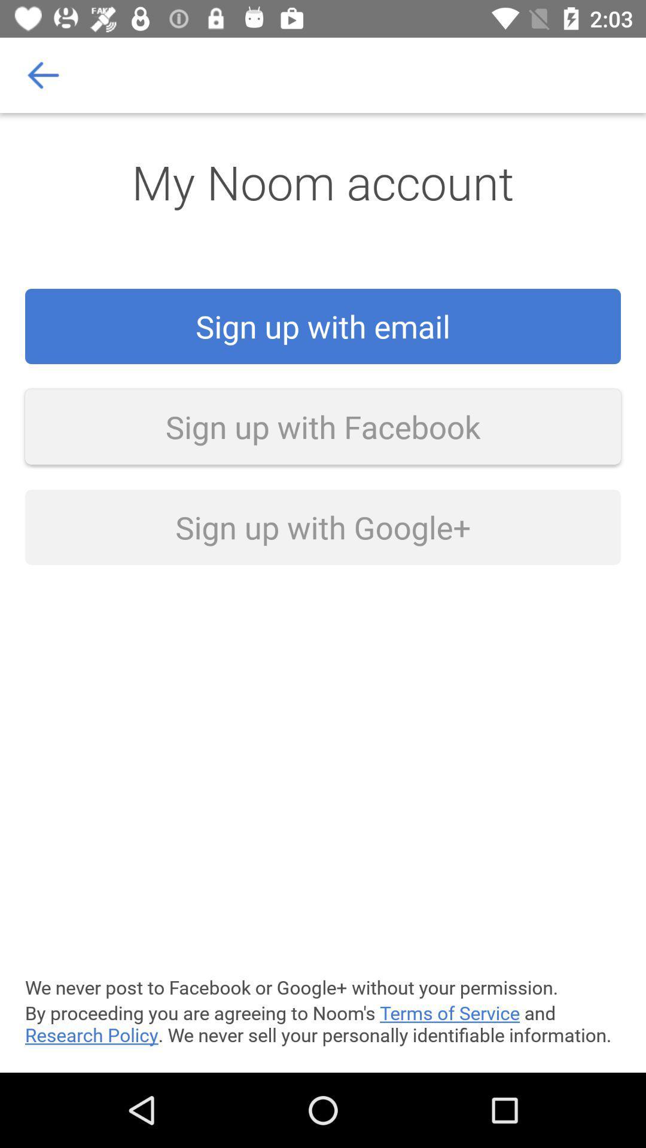  Describe the element at coordinates (43, 74) in the screenshot. I see `the item at the top left corner` at that location.